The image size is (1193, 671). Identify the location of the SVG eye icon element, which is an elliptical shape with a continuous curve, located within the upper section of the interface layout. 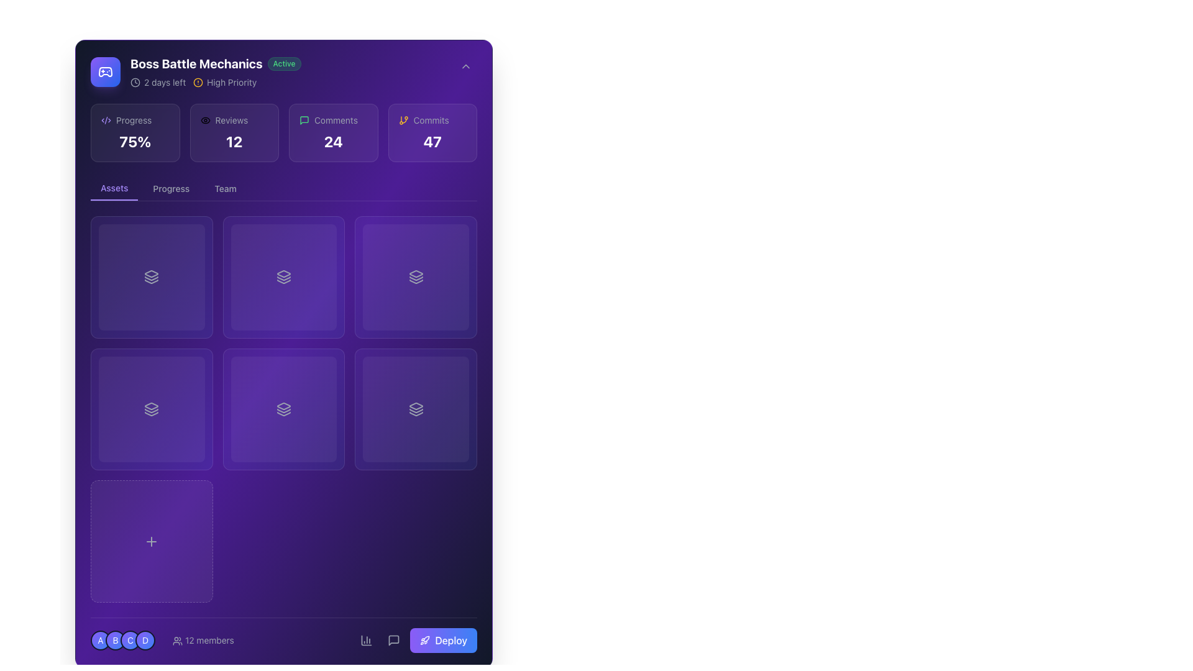
(205, 120).